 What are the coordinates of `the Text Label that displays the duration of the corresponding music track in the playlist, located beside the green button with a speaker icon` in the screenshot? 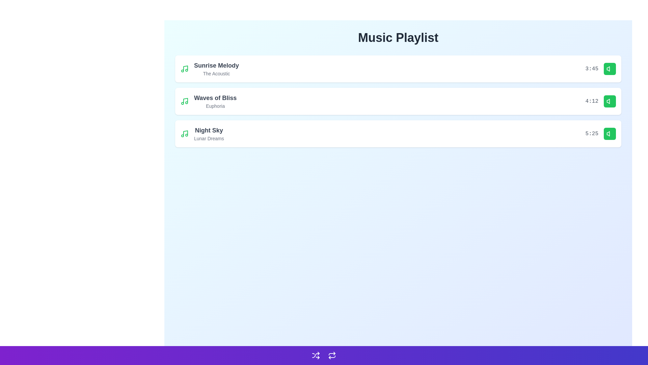 It's located at (591, 134).